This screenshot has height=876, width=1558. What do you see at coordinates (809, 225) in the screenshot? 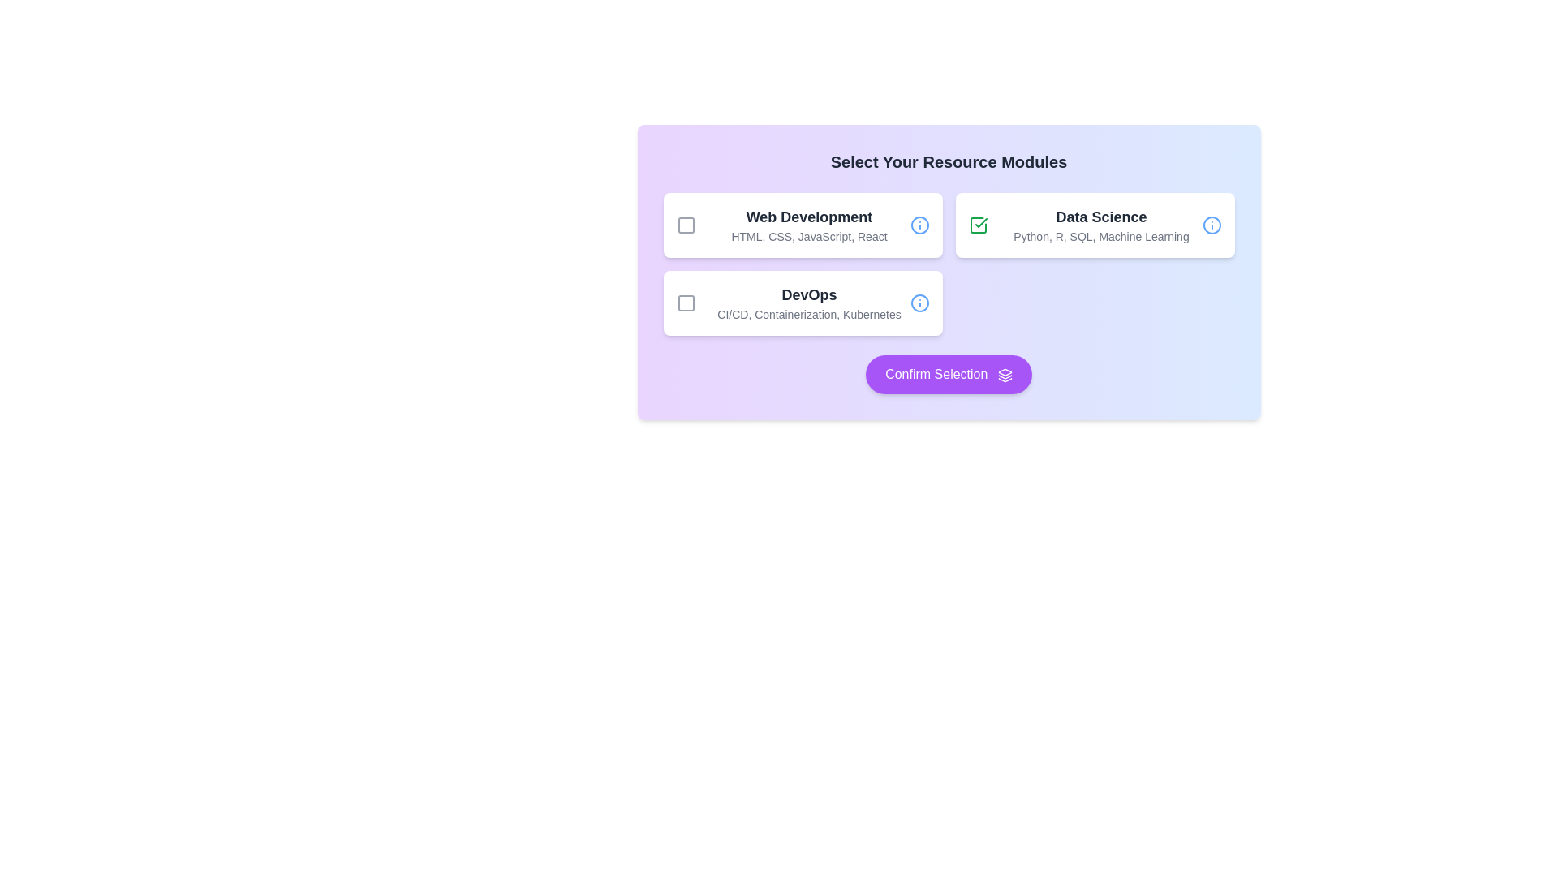
I see `the Descriptive Text Block titled 'Web Development' which displays the description 'HTML, CSS, JavaScript, React,' within the module selection interface` at bounding box center [809, 225].